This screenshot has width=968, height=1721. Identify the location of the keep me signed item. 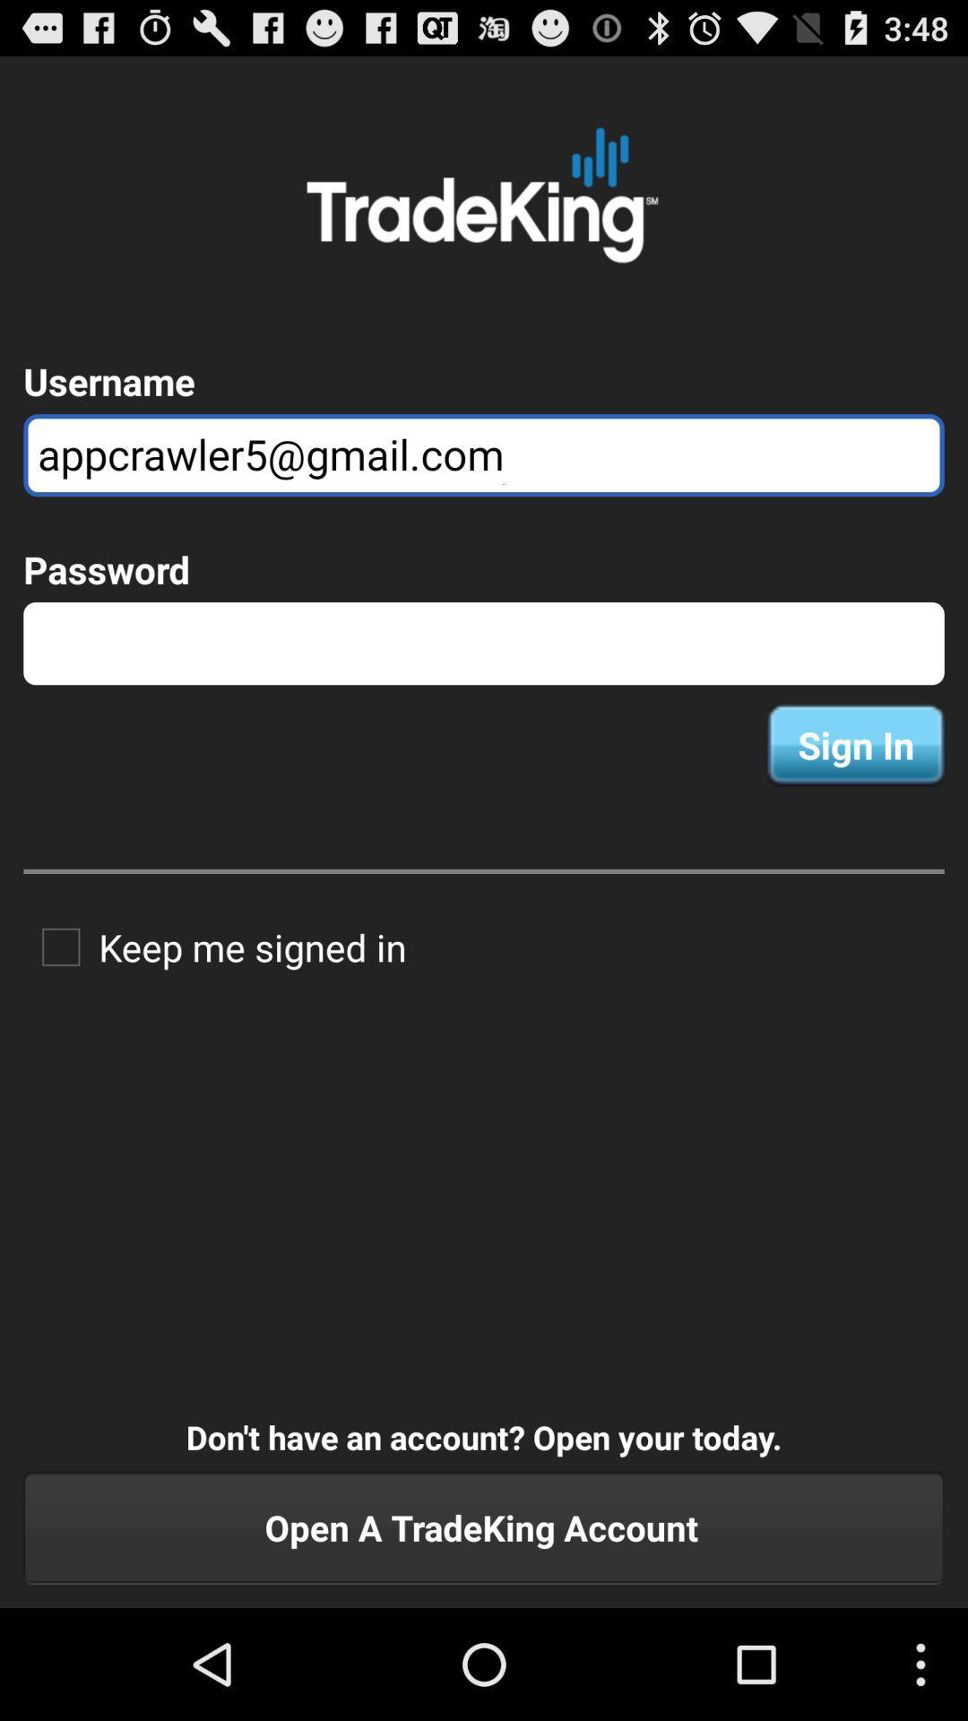
(213, 946).